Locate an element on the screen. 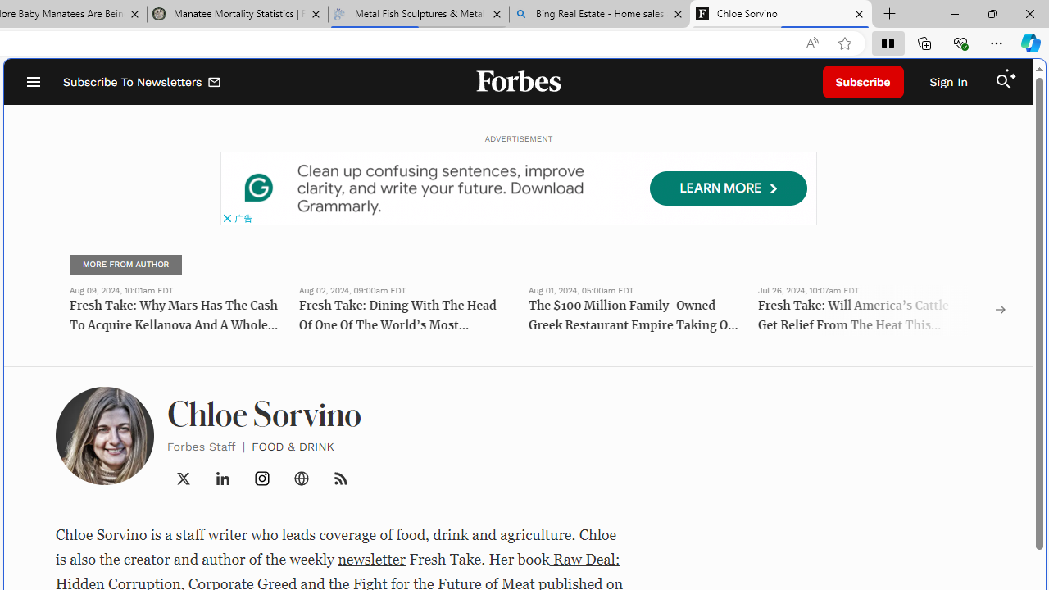  'Class: sparkles_svg__fs-icon sparkles_svg__fs-icon--sparkles' is located at coordinates (1010, 75).